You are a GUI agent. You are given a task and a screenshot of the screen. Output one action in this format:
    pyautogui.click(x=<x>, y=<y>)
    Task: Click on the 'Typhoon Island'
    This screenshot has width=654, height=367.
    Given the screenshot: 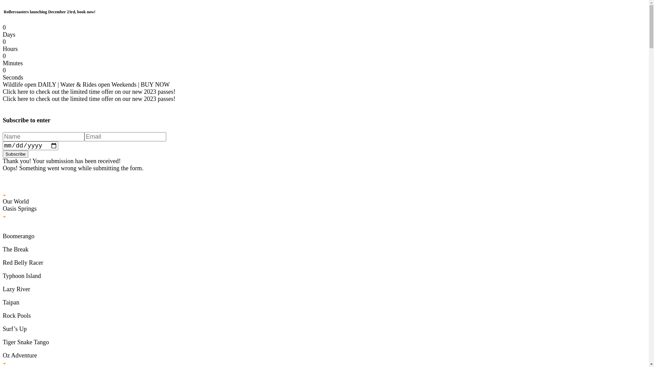 What is the action you would take?
    pyautogui.click(x=3, y=276)
    